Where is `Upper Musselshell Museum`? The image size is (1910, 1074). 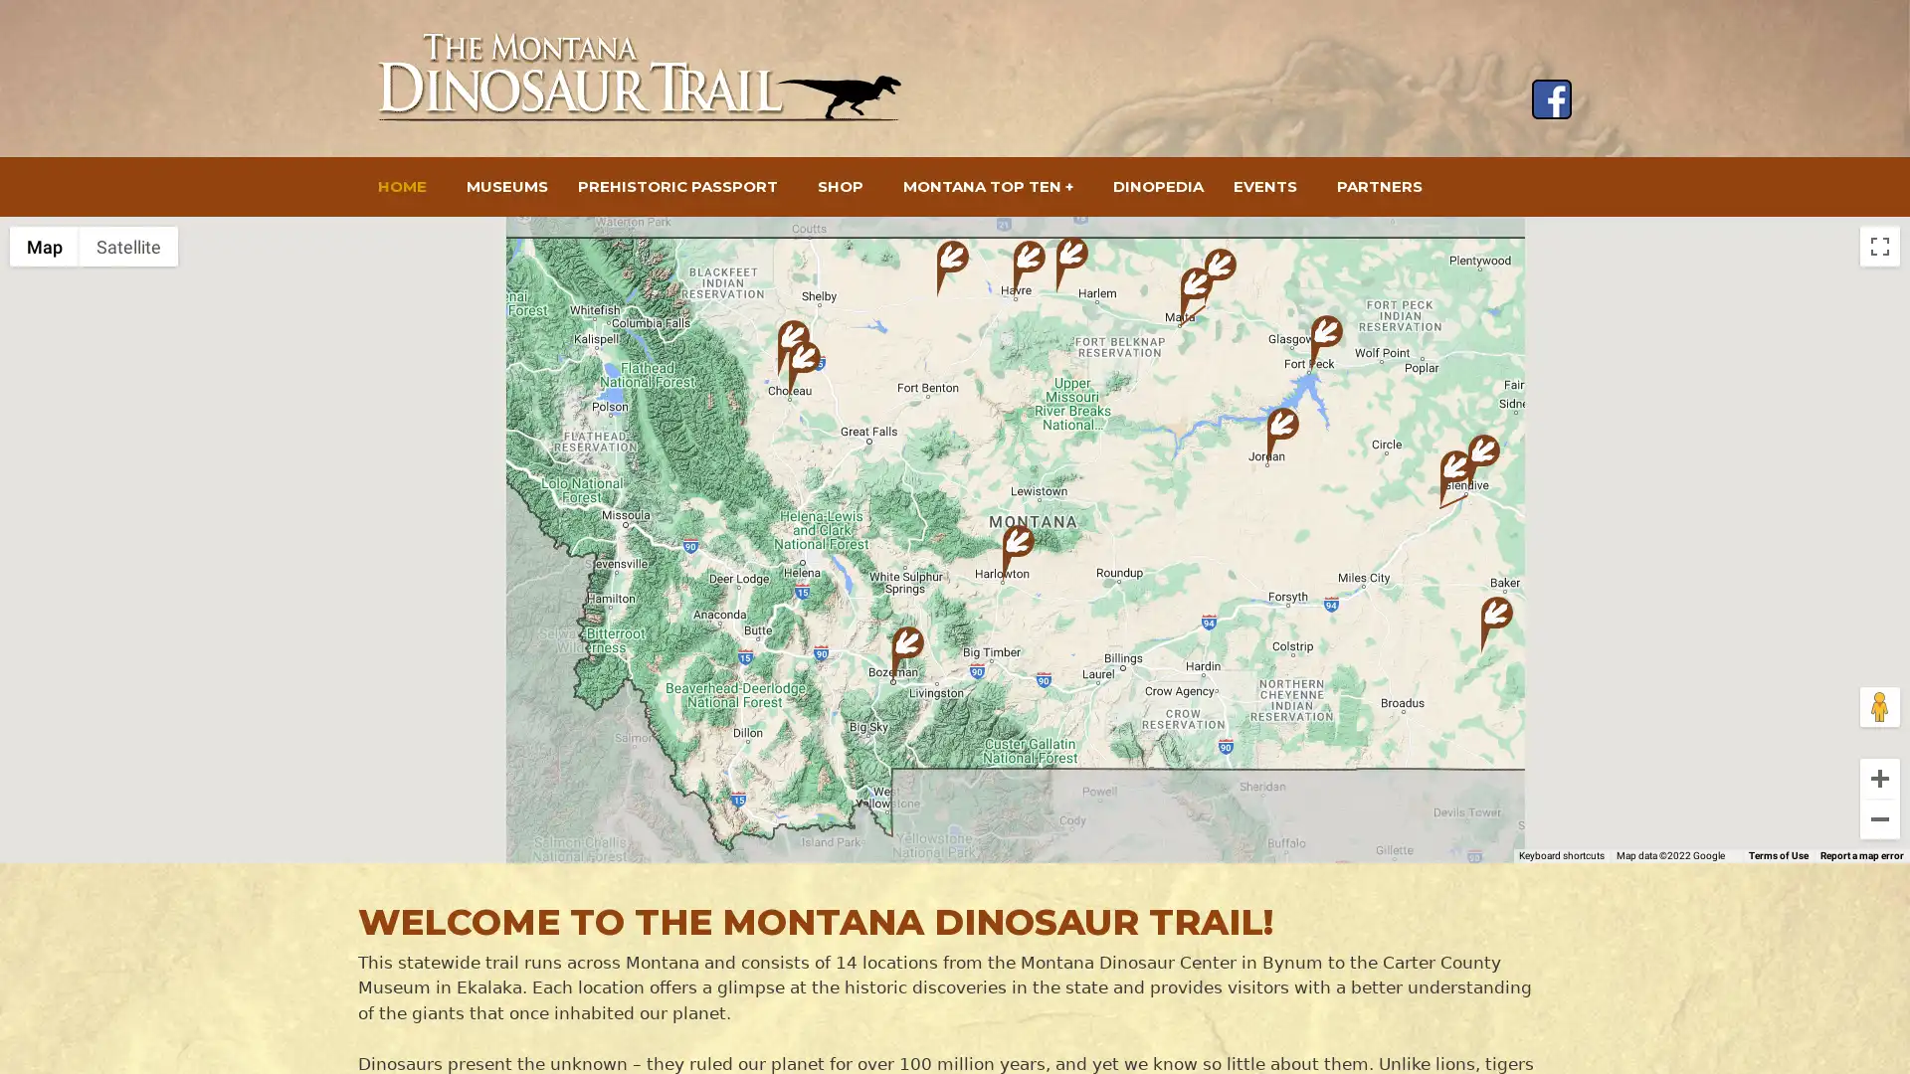
Upper Musselshell Museum is located at coordinates (1018, 553).